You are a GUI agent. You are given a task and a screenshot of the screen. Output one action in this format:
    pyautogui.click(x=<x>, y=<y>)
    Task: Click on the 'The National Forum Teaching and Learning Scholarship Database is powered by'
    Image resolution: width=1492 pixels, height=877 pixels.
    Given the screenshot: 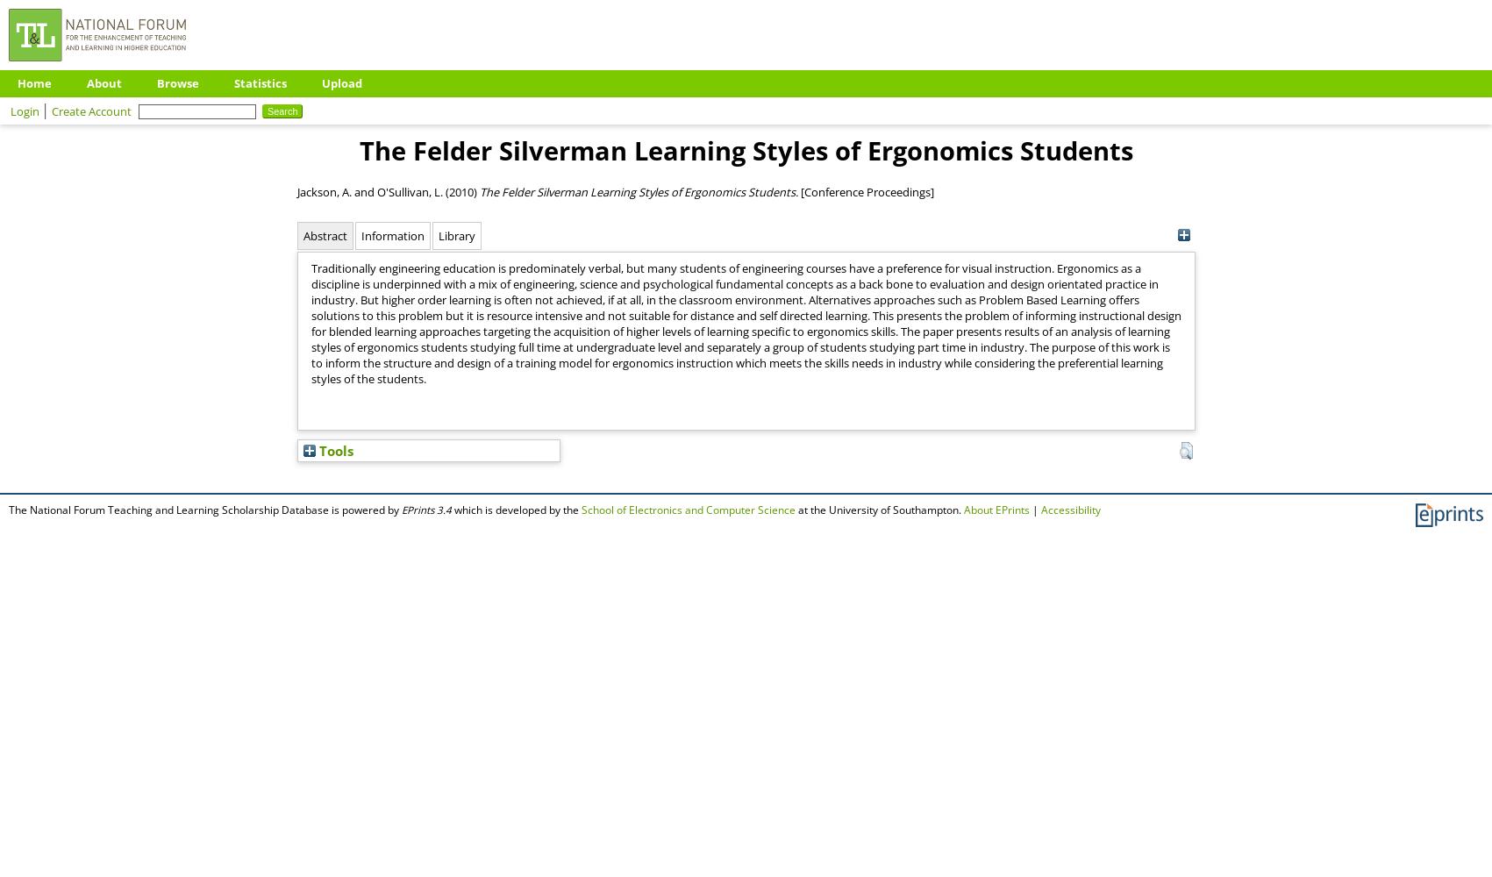 What is the action you would take?
    pyautogui.click(x=204, y=509)
    